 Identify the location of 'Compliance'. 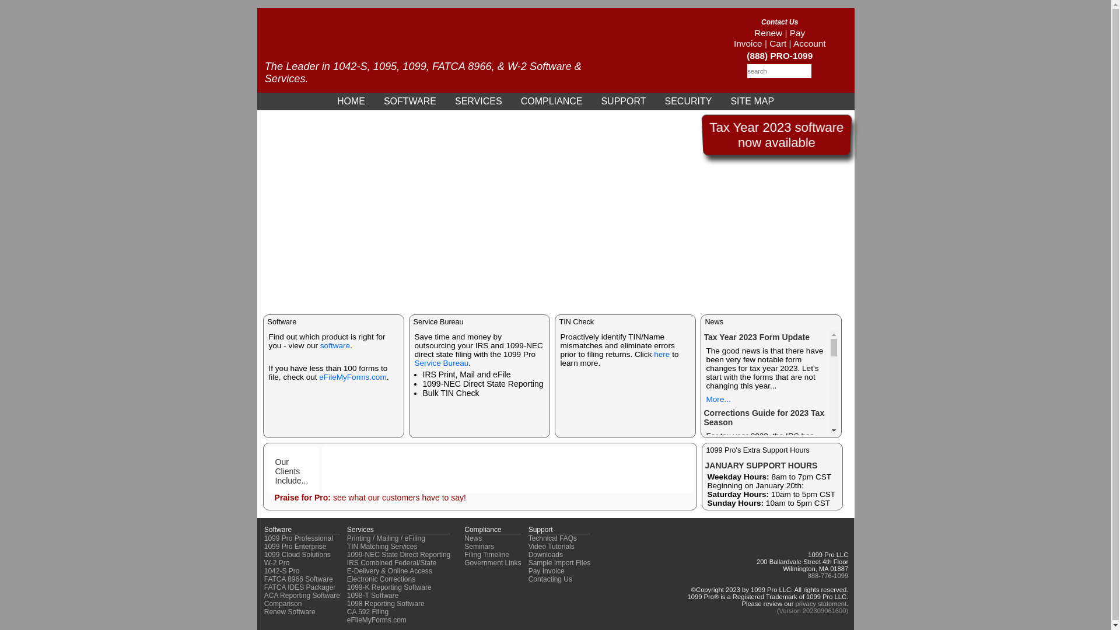
(482, 529).